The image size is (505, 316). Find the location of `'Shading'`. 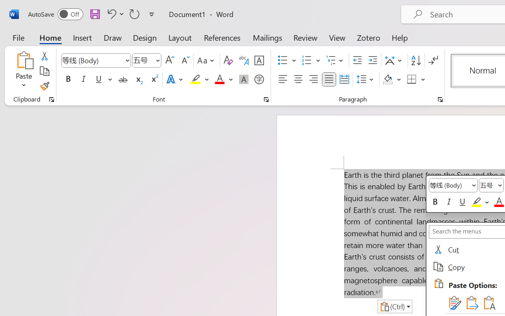

'Shading' is located at coordinates (392, 79).